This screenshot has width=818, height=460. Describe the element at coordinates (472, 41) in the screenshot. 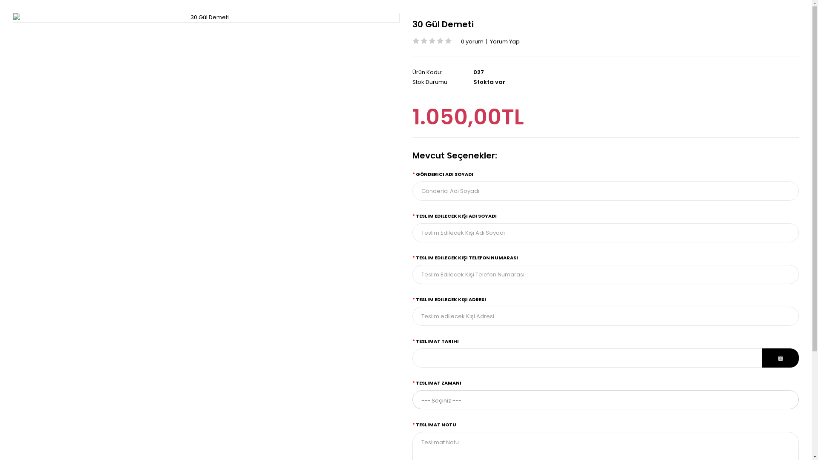

I see `'0 yorum'` at that location.